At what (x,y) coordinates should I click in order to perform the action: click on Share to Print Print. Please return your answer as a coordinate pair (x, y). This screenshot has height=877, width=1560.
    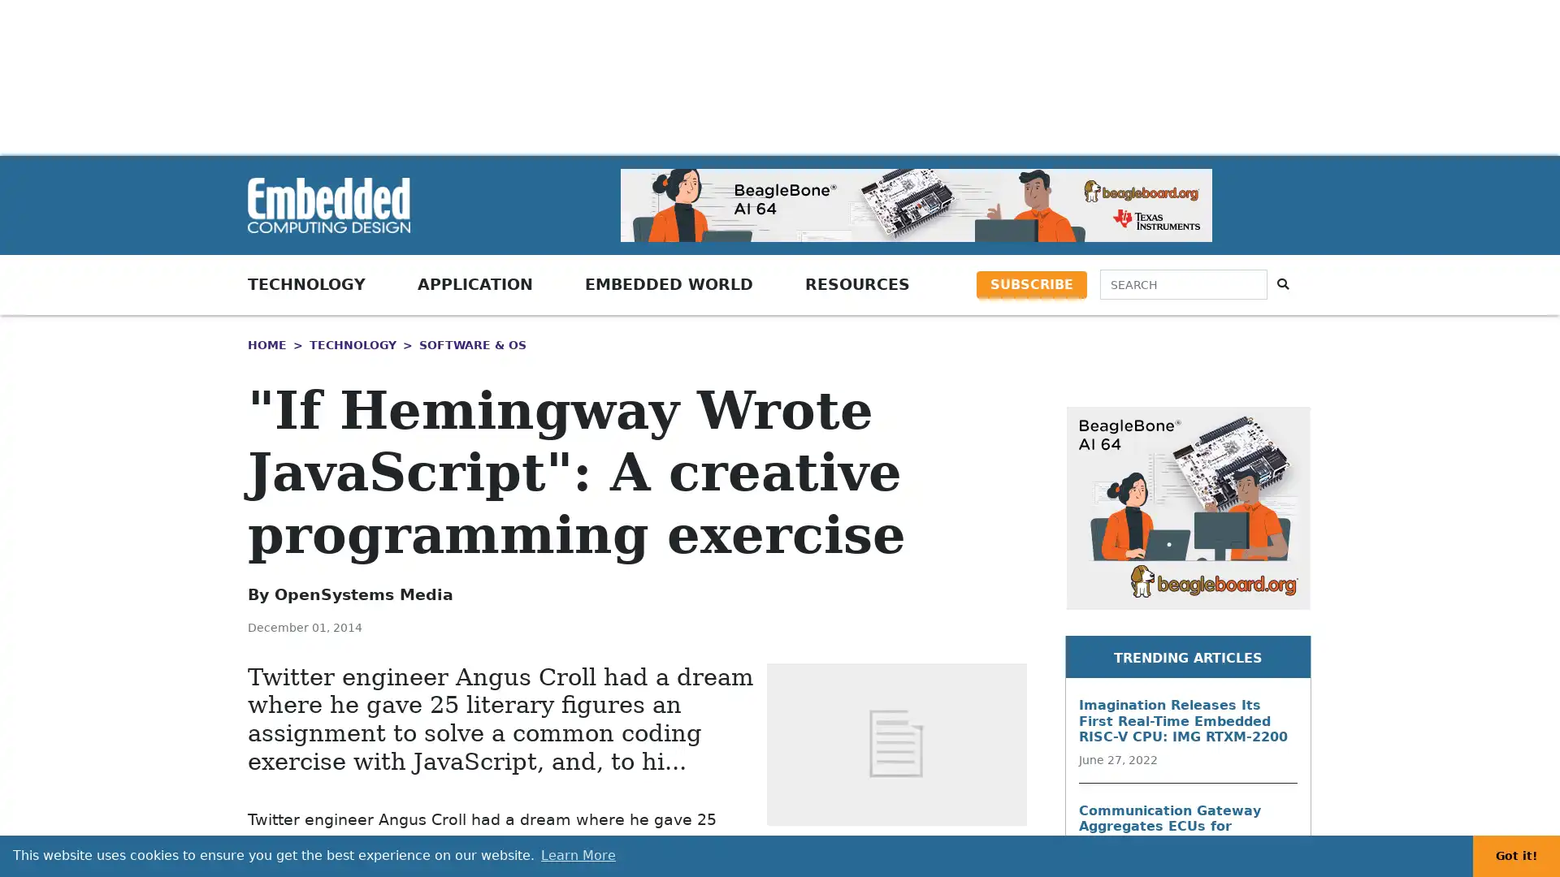
    Looking at the image, I should click on (710, 604).